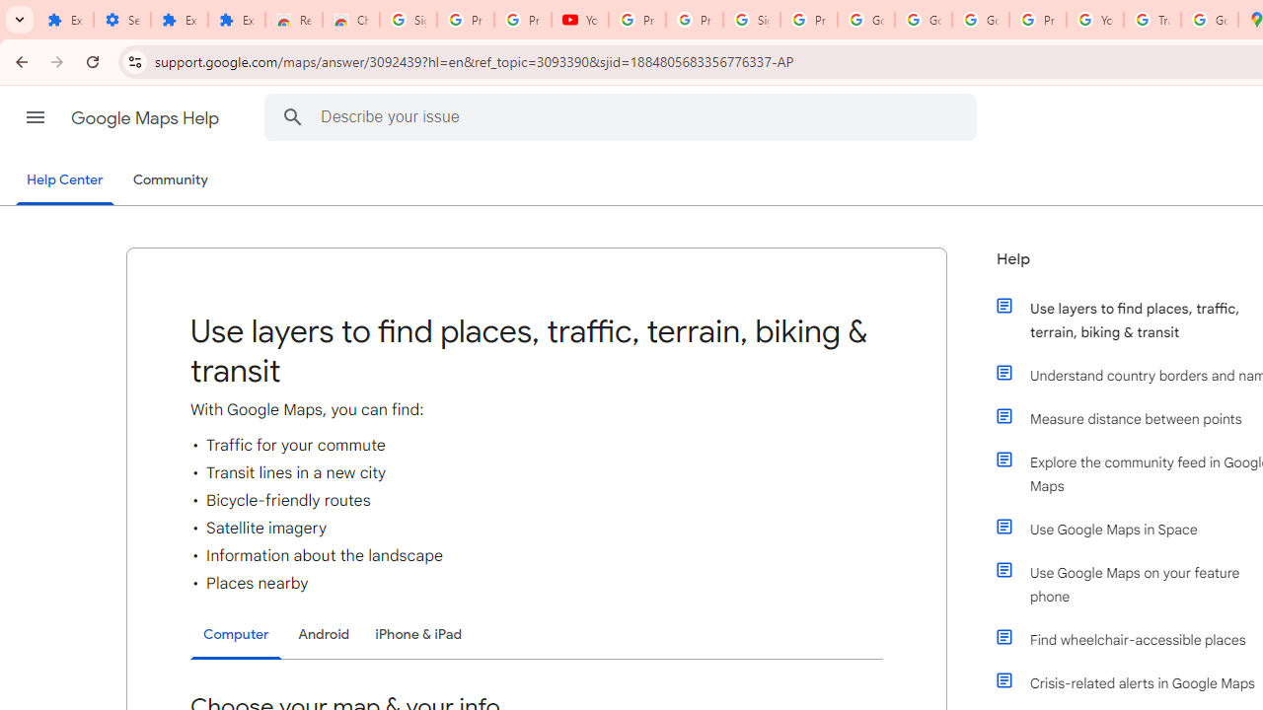  What do you see at coordinates (923, 20) in the screenshot?
I see `'Google Account'` at bounding box center [923, 20].